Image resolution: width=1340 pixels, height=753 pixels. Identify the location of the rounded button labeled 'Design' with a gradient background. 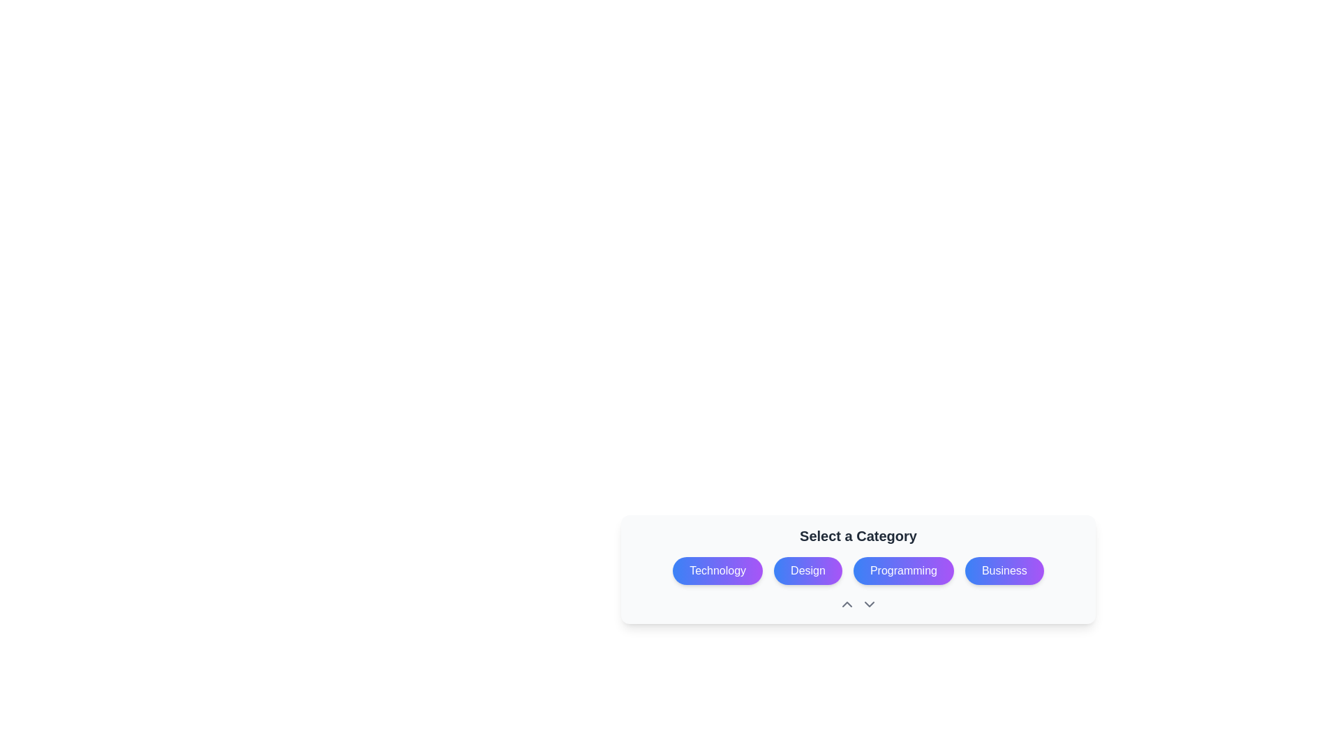
(807, 570).